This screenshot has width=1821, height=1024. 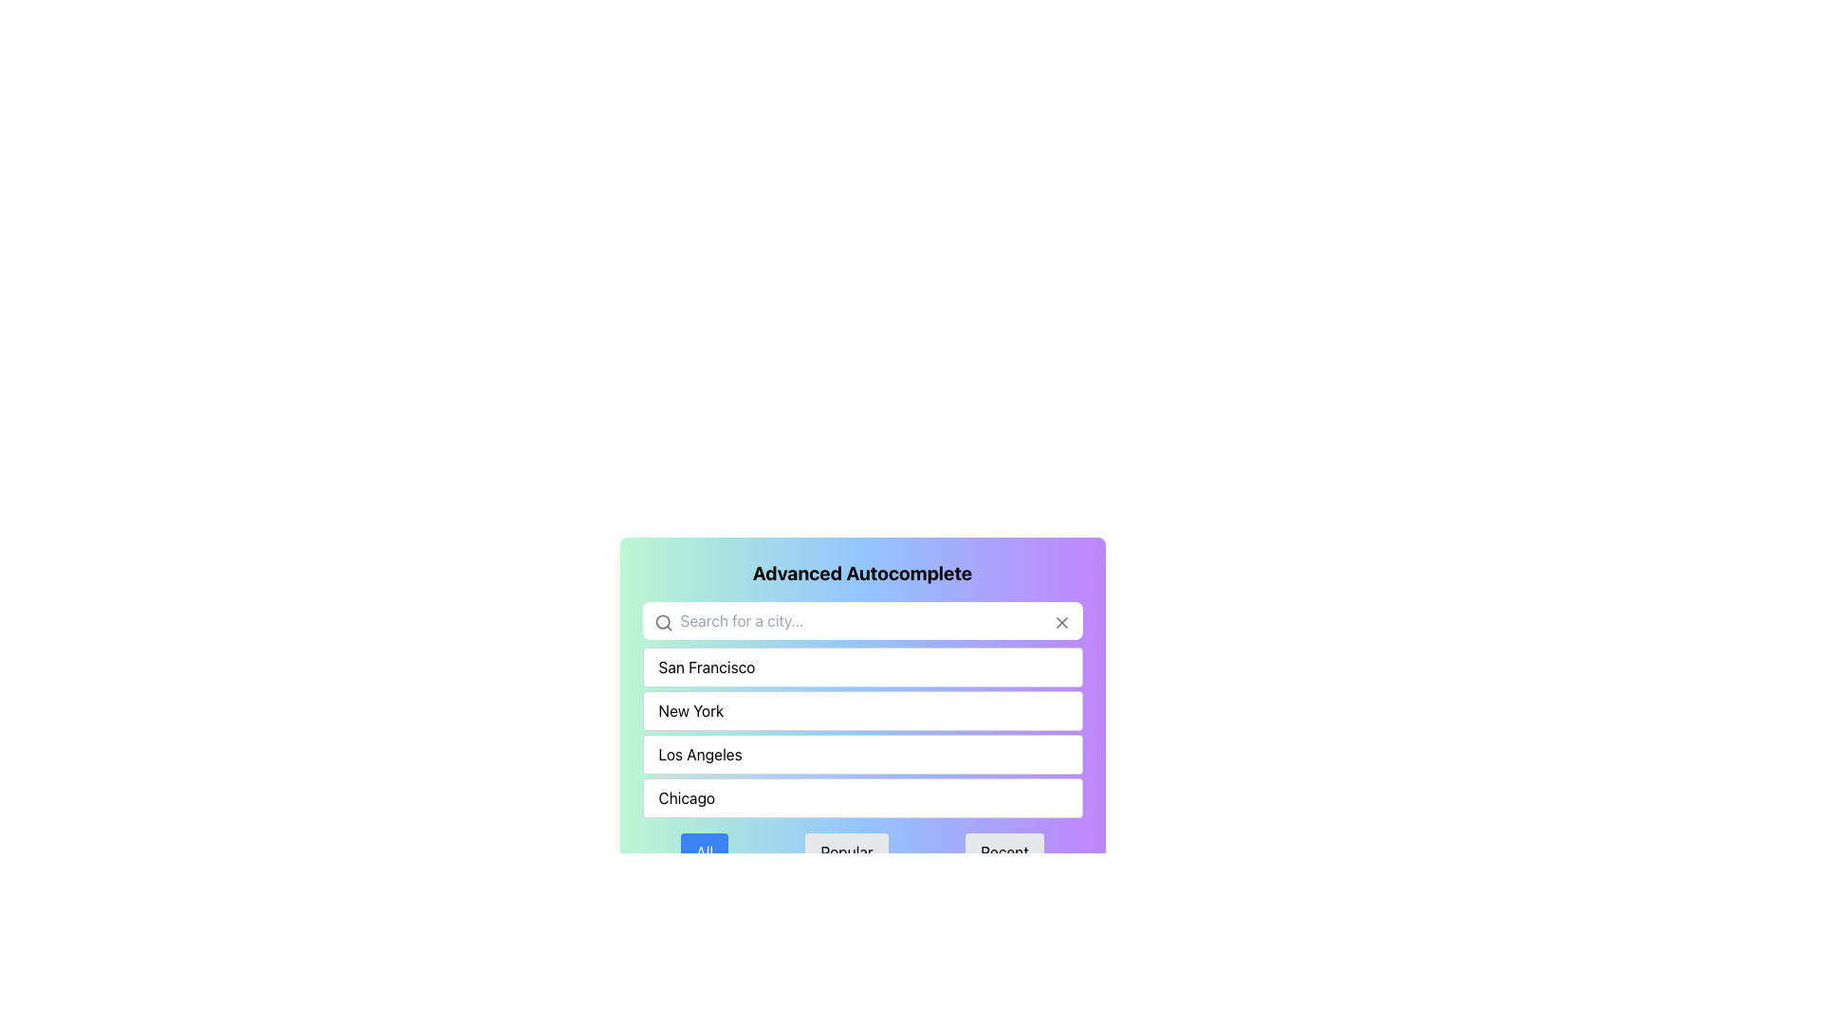 I want to click on the clear button located at the top-right corner of the search bar to clear the input field, so click(x=1060, y=622).